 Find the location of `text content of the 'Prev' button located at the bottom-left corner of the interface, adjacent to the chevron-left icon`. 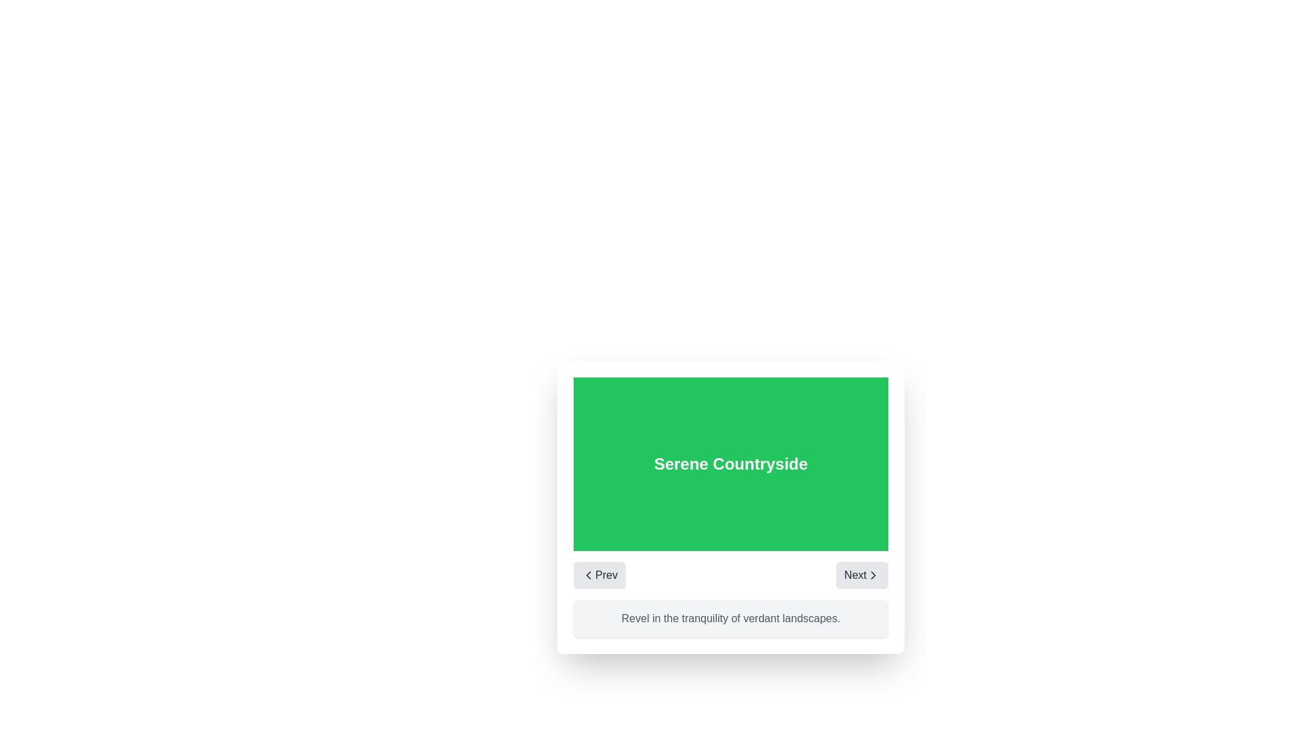

text content of the 'Prev' button located at the bottom-left corner of the interface, adjacent to the chevron-left icon is located at coordinates (605, 575).